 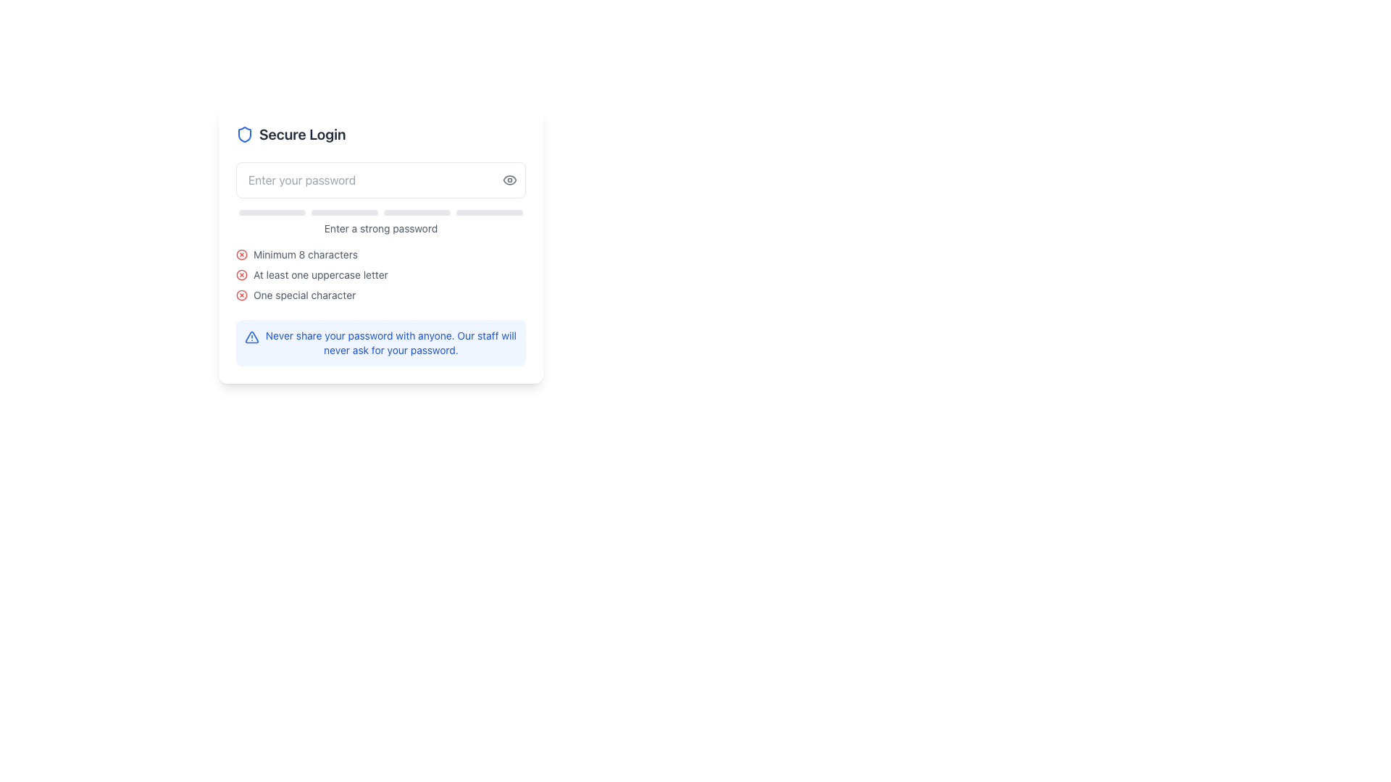 What do you see at coordinates (390, 343) in the screenshot?
I see `the informational text element about password privacy located at the bottom of the login interface, which is within a light blue rounded background and has an alert icon to its left` at bounding box center [390, 343].